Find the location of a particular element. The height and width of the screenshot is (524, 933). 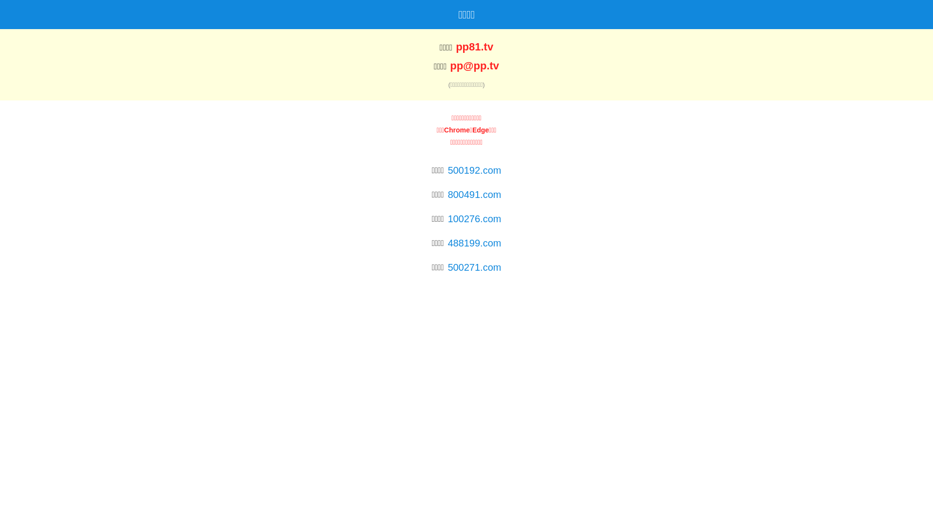

'488199.com' is located at coordinates (474, 243).